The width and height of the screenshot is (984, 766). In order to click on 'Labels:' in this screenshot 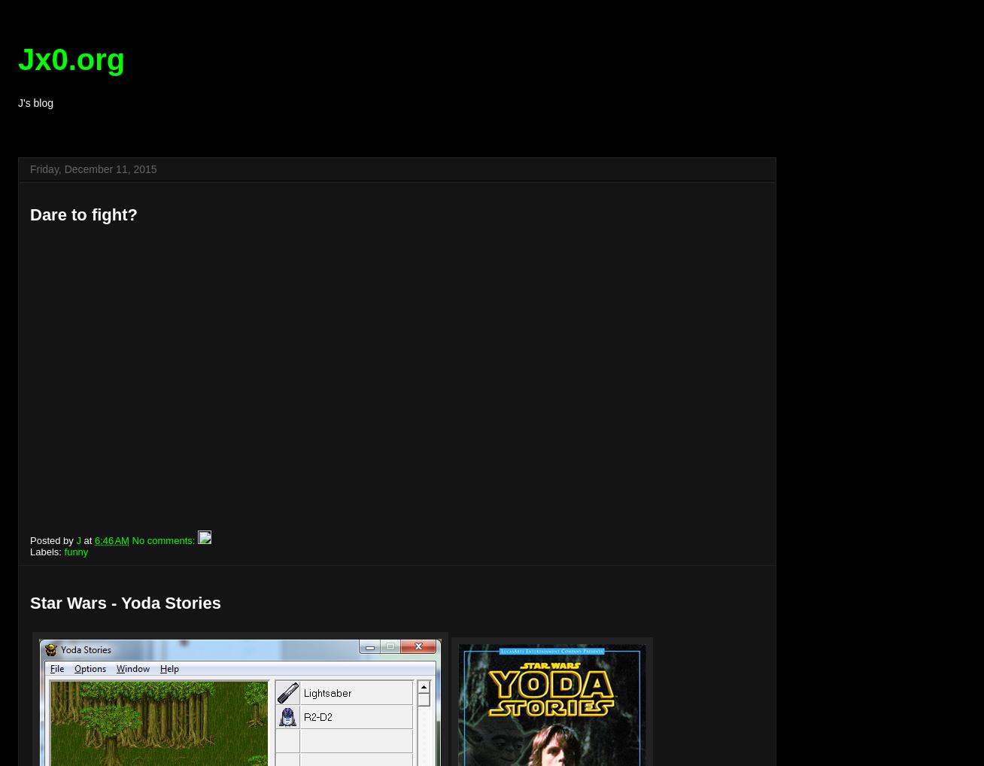, I will do `click(47, 551)`.